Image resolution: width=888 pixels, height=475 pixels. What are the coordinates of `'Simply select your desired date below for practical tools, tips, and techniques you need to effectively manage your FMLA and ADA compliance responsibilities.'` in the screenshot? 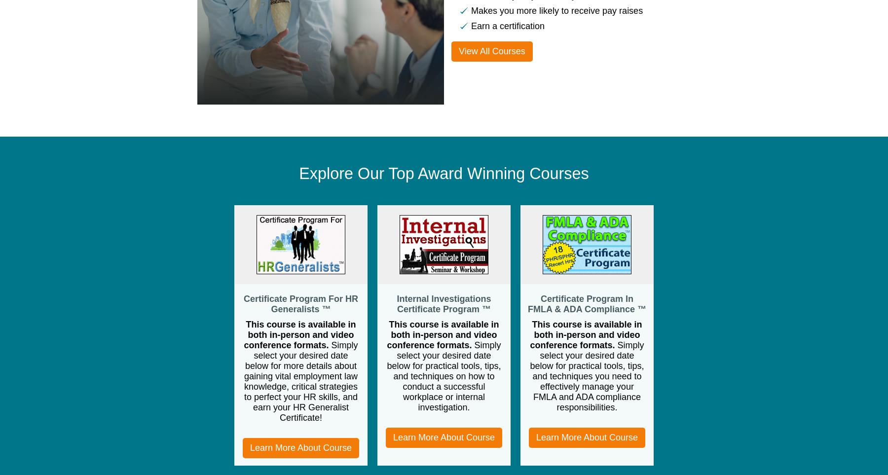 It's located at (530, 376).